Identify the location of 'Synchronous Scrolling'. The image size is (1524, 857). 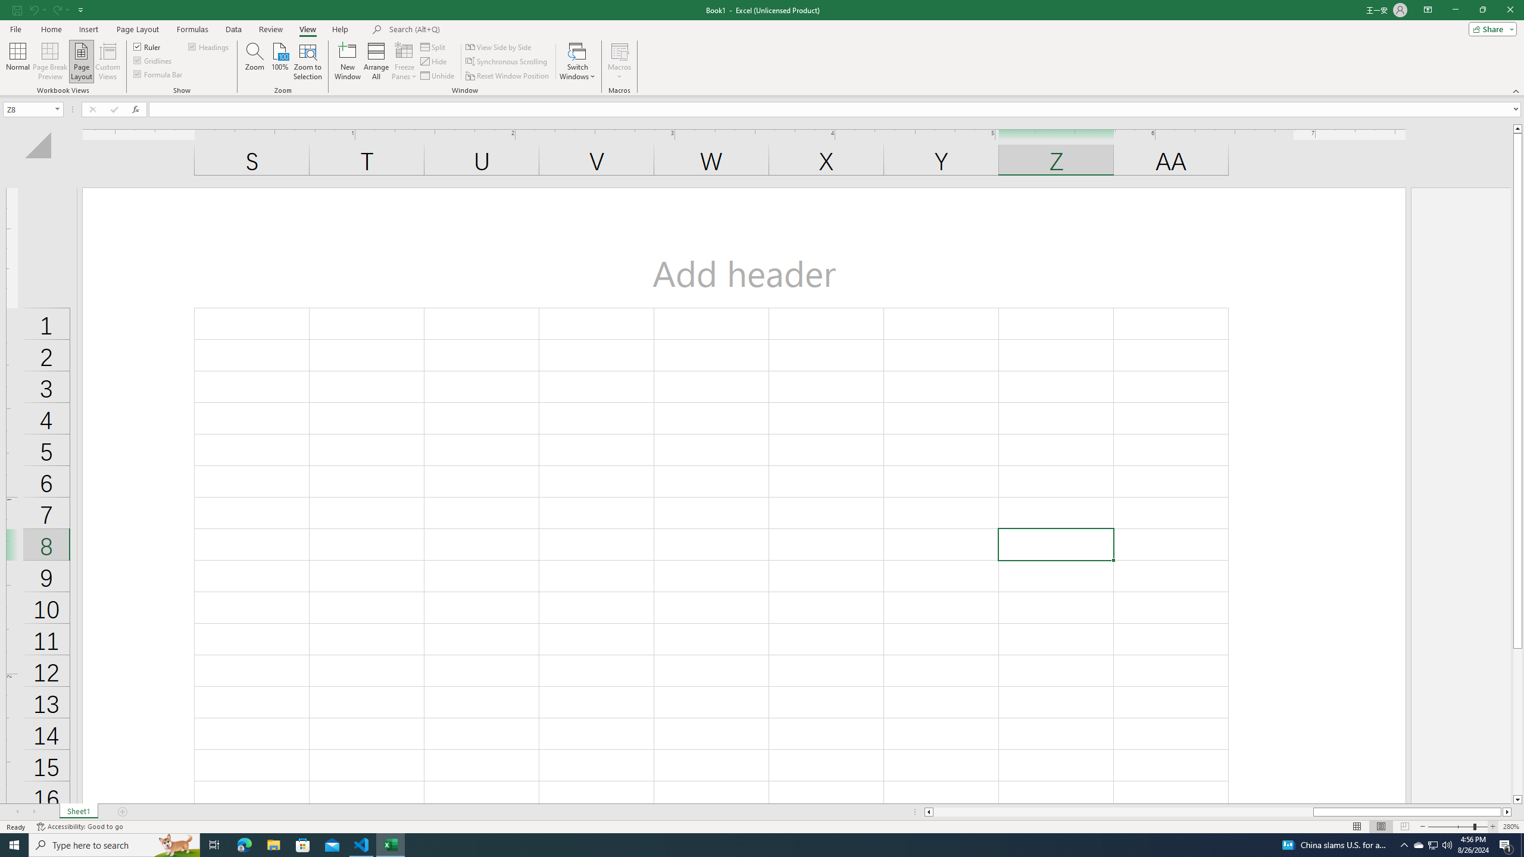
(507, 61).